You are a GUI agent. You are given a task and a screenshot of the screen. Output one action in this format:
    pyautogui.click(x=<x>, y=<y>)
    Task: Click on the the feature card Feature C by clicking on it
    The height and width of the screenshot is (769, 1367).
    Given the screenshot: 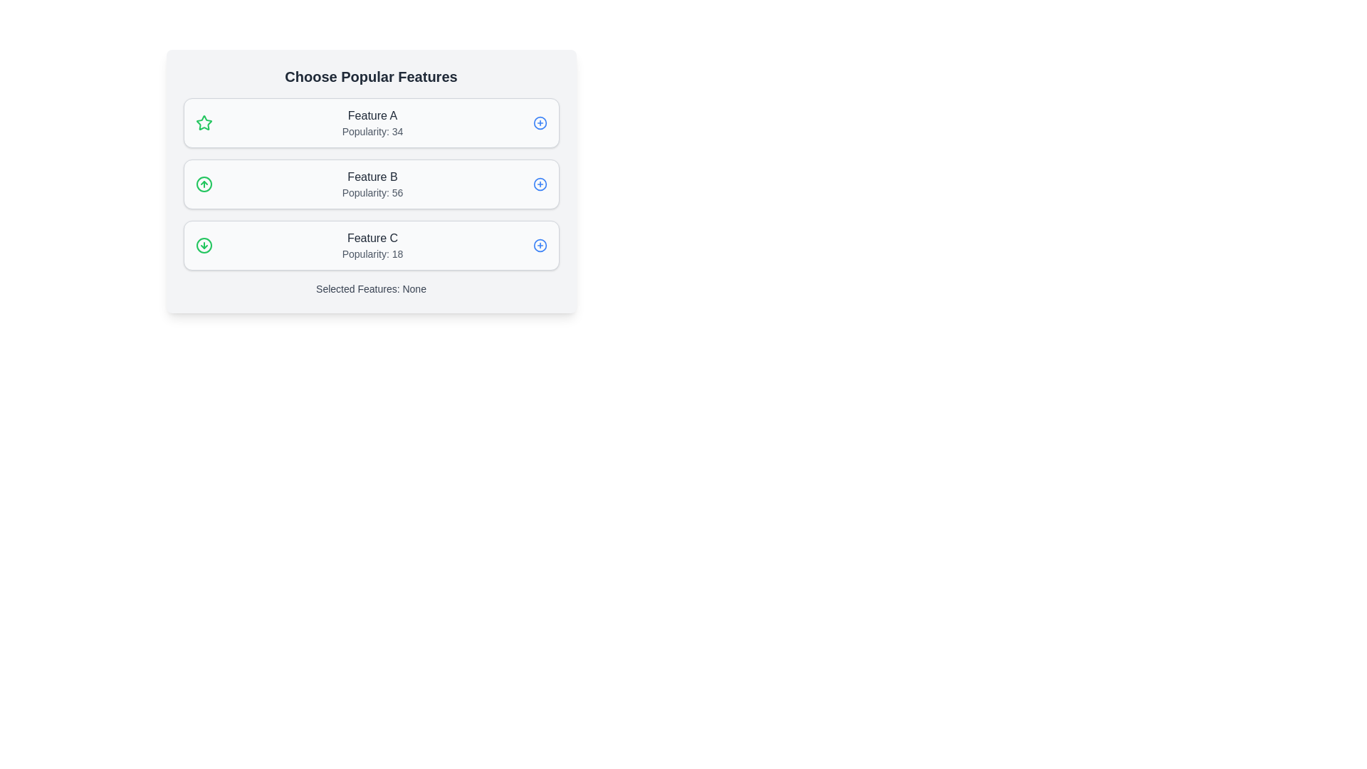 What is the action you would take?
    pyautogui.click(x=371, y=244)
    